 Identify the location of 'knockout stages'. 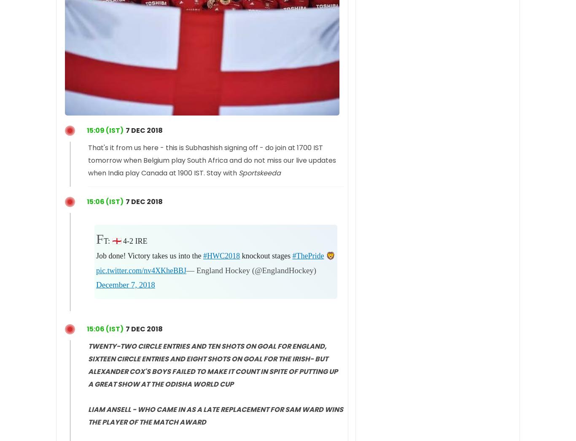
(265, 255).